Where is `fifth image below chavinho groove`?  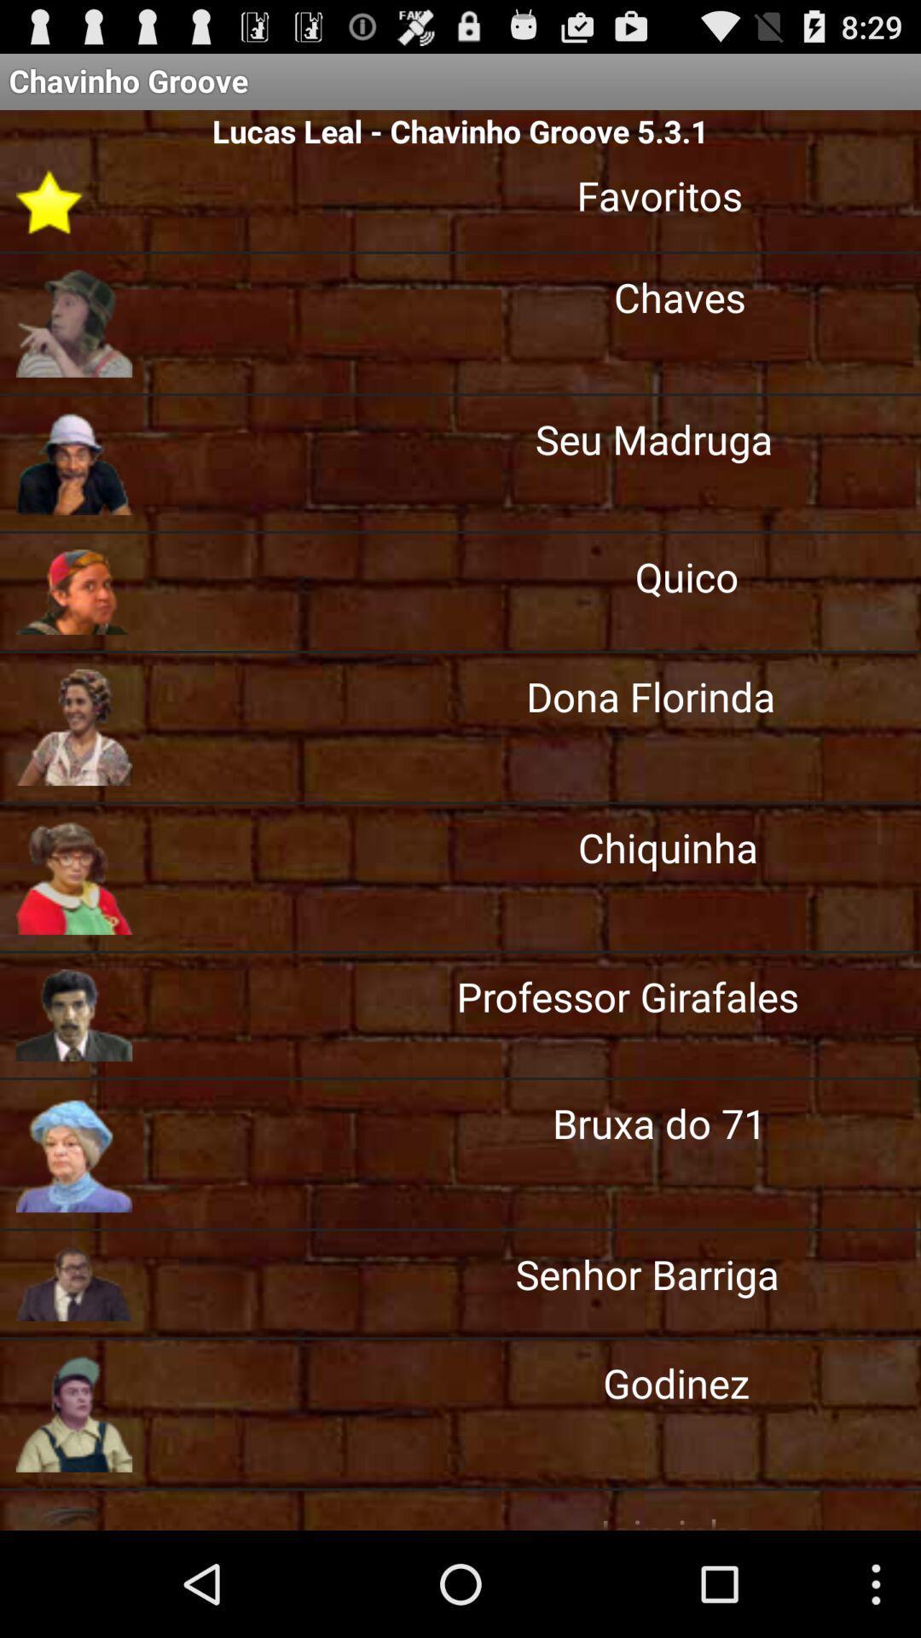 fifth image below chavinho groove is located at coordinates (73, 728).